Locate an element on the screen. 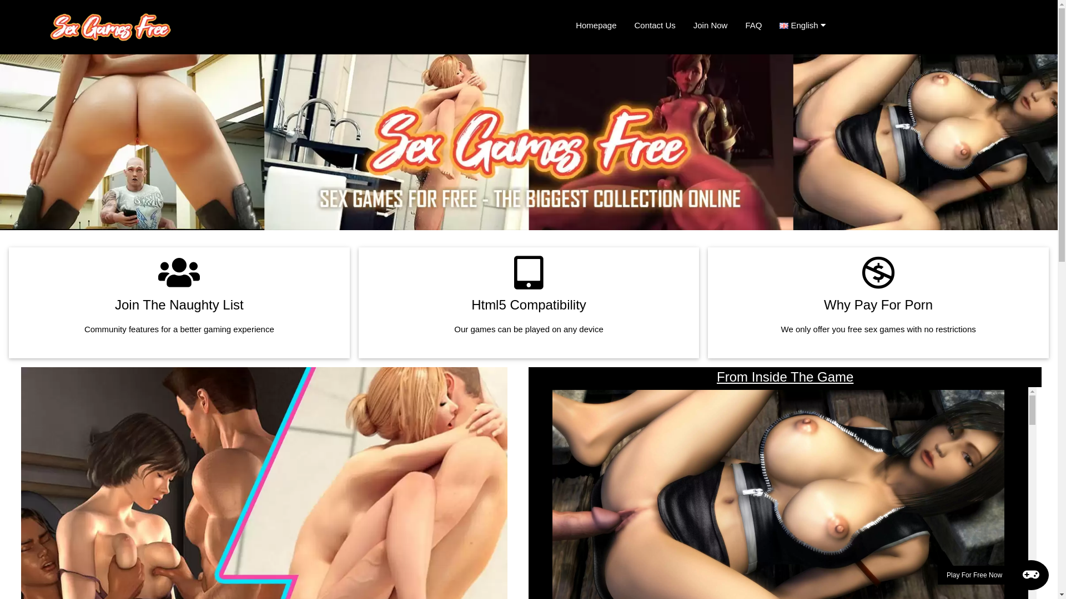 The height and width of the screenshot is (599, 1066). 'Contact Us' is located at coordinates (655, 25).